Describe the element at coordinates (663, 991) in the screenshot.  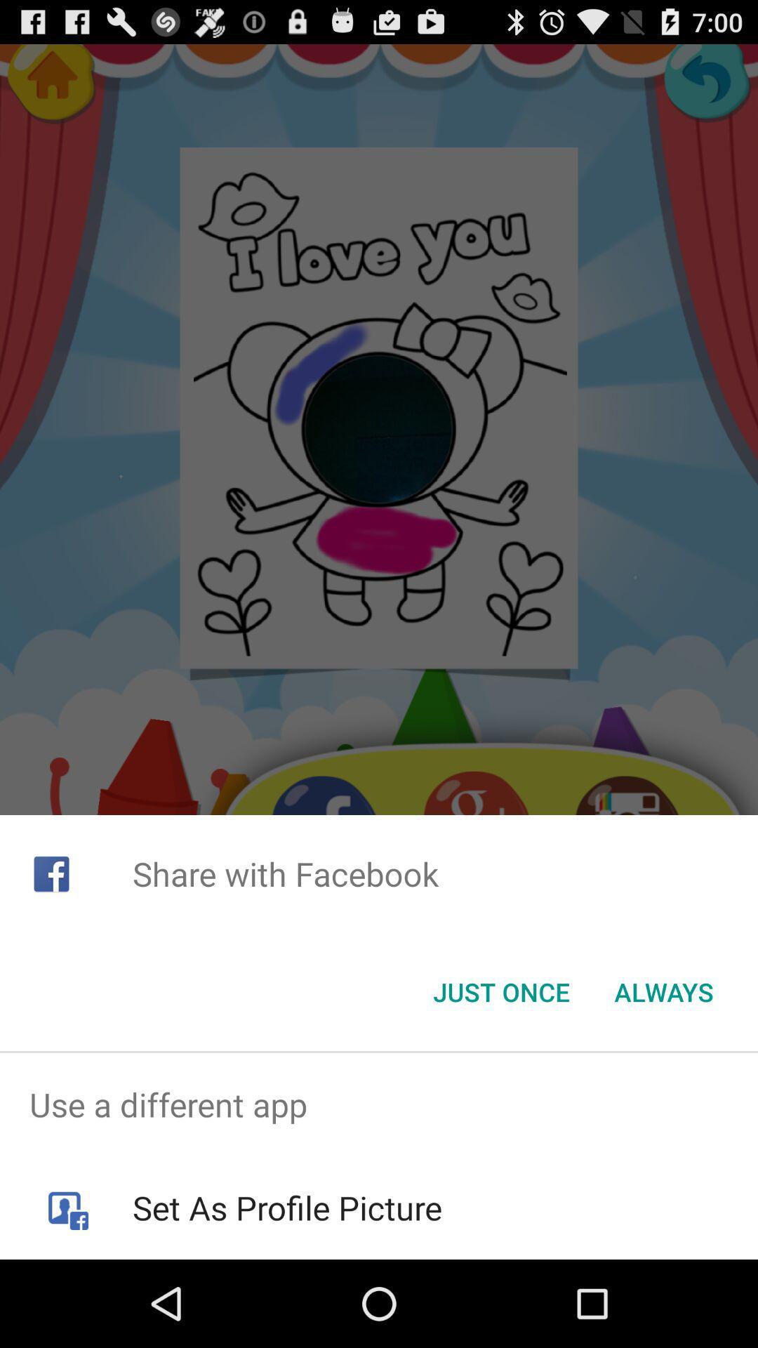
I see `the item at the bottom right corner` at that location.